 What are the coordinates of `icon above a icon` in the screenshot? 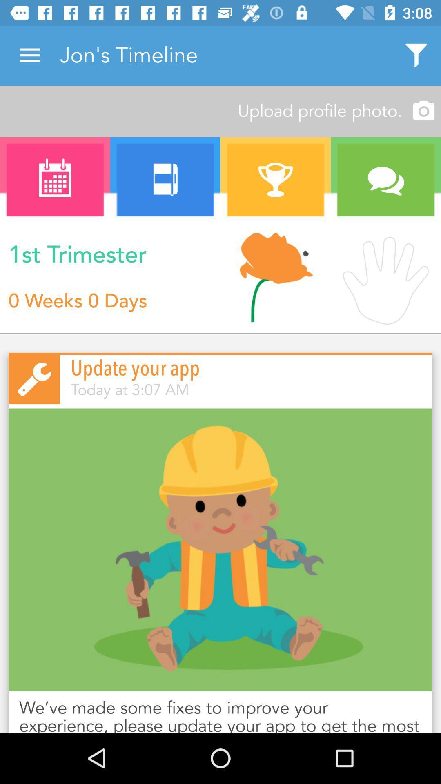 It's located at (220, 111).